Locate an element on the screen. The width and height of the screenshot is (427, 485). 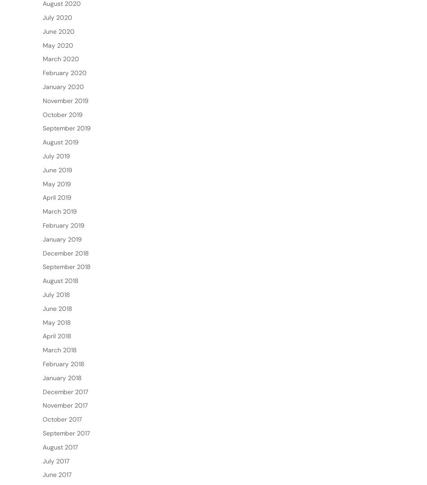
'August 2020' is located at coordinates (62, 32).